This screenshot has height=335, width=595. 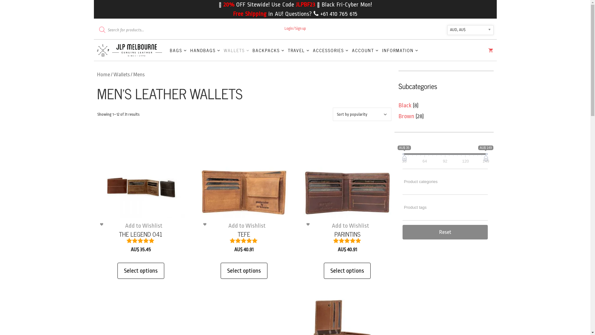 What do you see at coordinates (295, 29) in the screenshot?
I see `'Login / Sign up'` at bounding box center [295, 29].